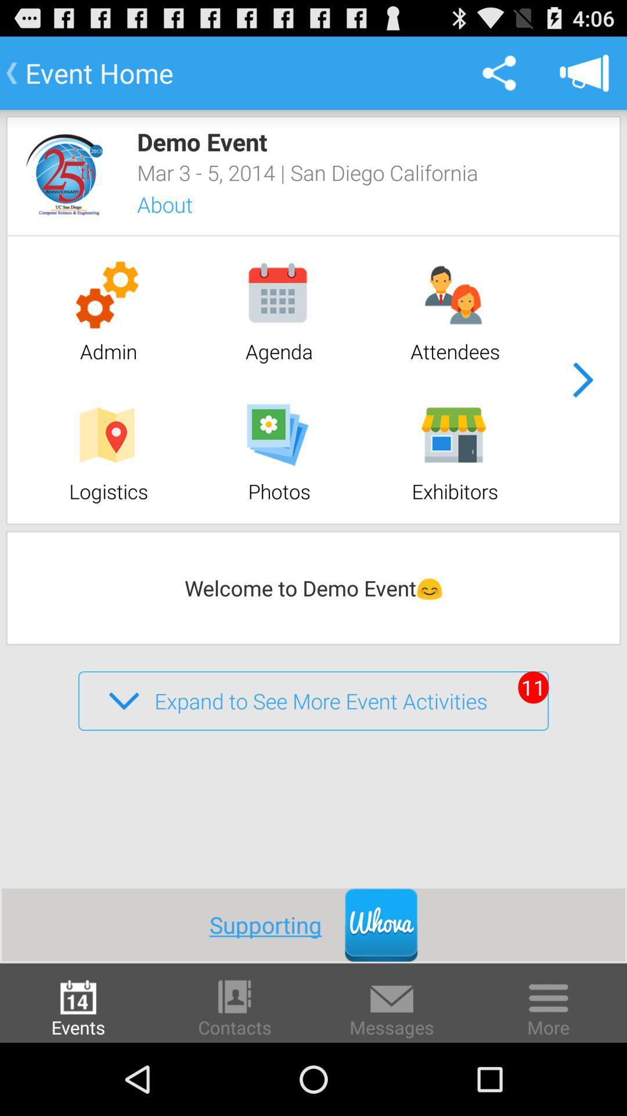  Describe the element at coordinates (64, 174) in the screenshot. I see `open demo event profile` at that location.